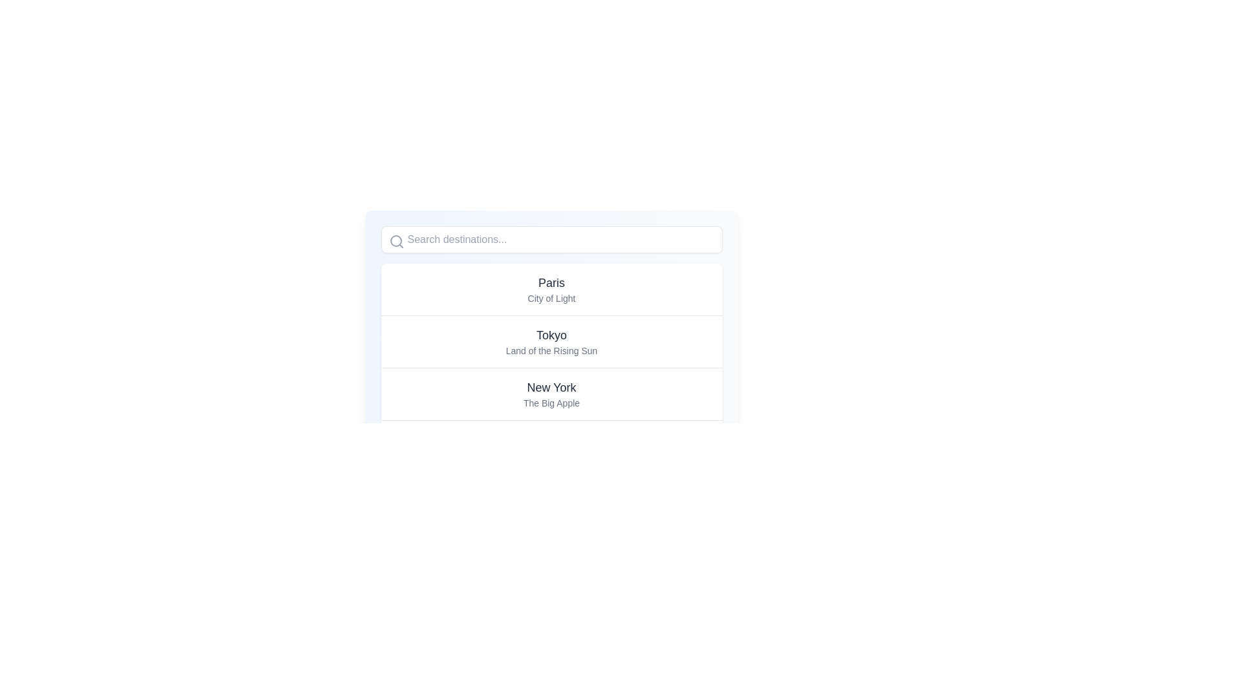 The width and height of the screenshot is (1241, 698). I want to click on to select the destination 'New York' from the list item, which is the third option in a vertically-stacked list, located between 'Tokyo' and 'Kyoto', so click(551, 393).